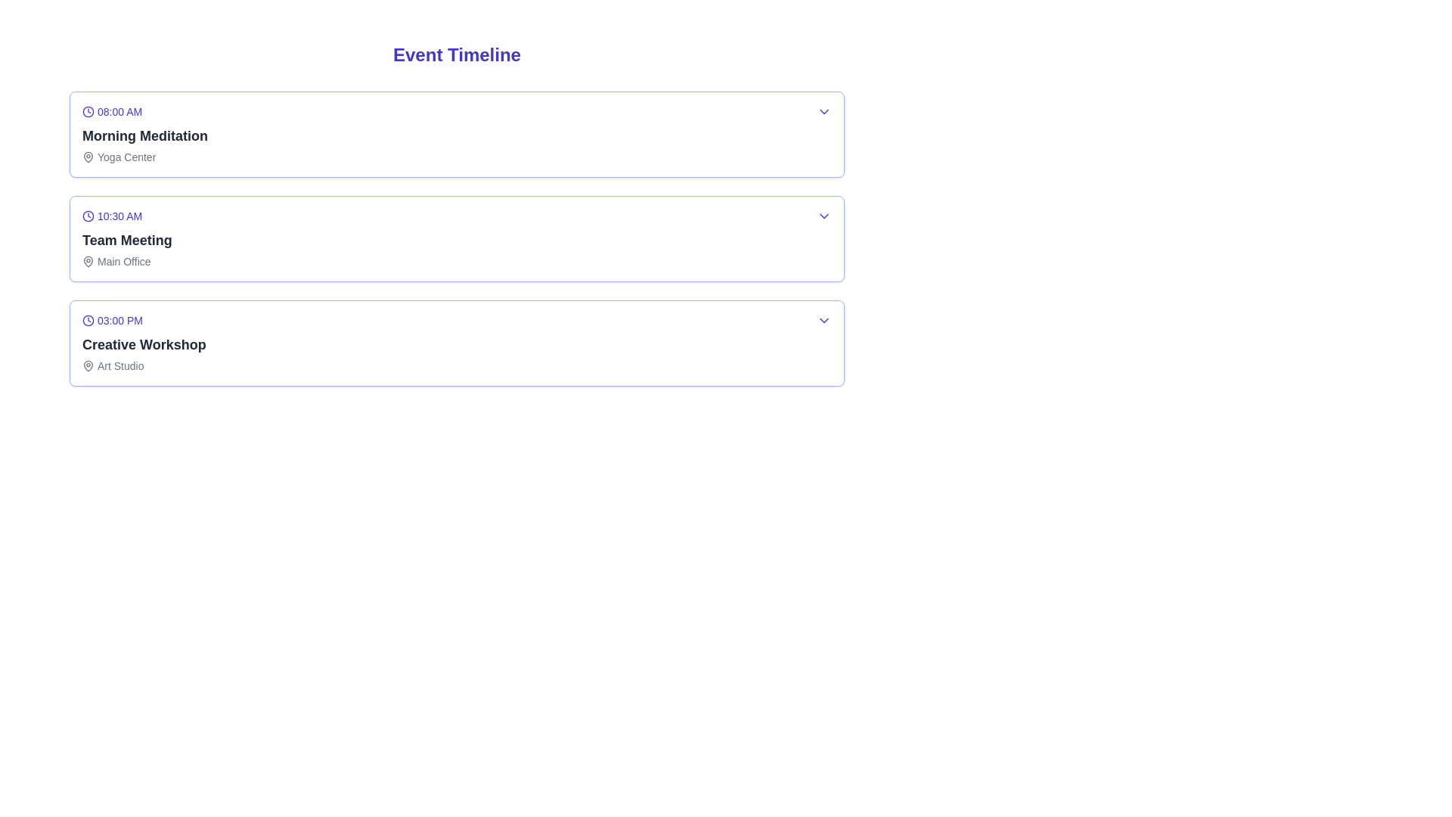  Describe the element at coordinates (87, 320) in the screenshot. I see `the clock icon representing the scheduled time for the event, positioned to the left of the text '03:00 PM' in the event timeline` at that location.